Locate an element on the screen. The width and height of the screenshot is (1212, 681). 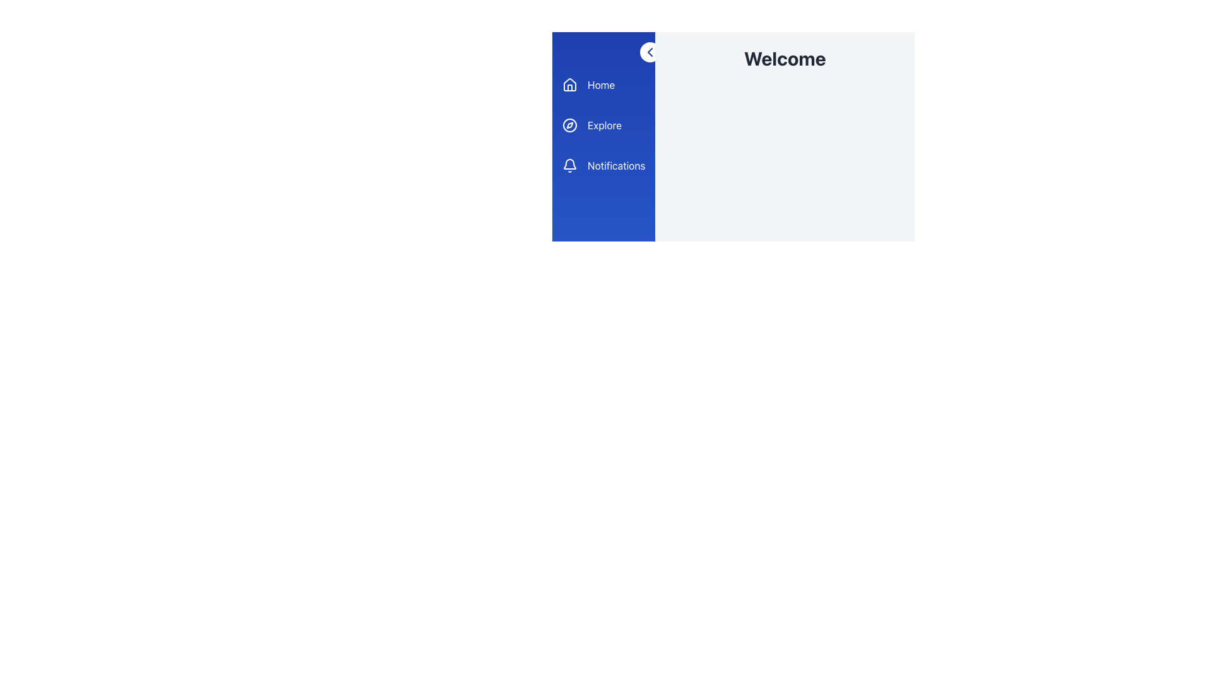
the compass icon located in the sidebar navigation, which is part of the 'Explore' option is located at coordinates (569, 125).